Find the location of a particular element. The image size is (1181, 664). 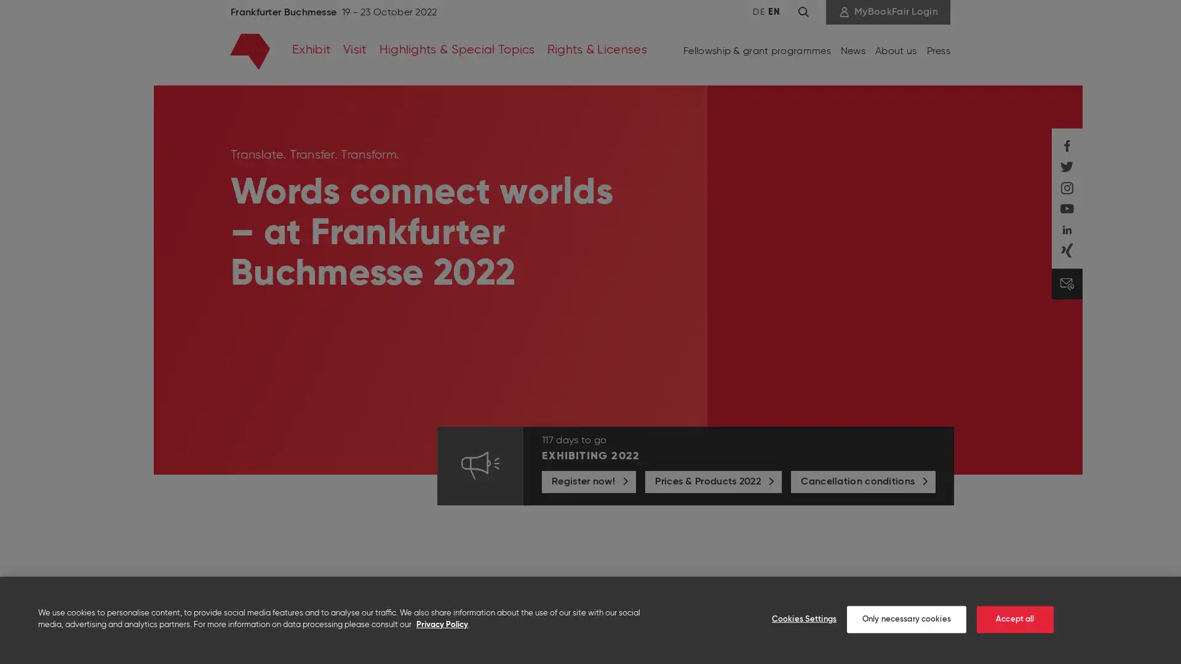

Accept all is located at coordinates (1014, 619).